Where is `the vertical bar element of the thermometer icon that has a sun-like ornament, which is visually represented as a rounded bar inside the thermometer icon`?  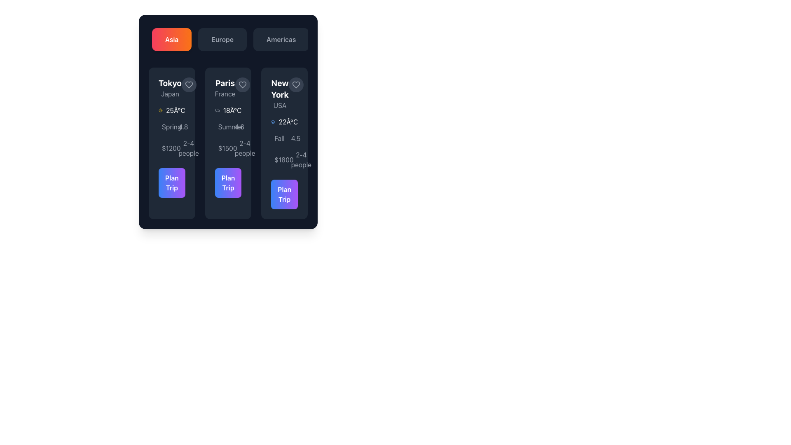
the vertical bar element of the thermometer icon that has a sun-like ornament, which is visually represented as a rounded bar inside the thermometer icon is located at coordinates (182, 129).